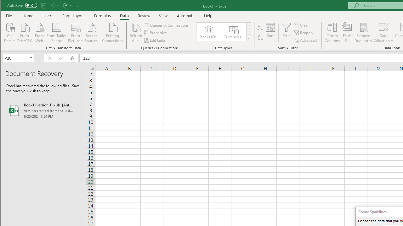 This screenshot has width=403, height=226. What do you see at coordinates (209, 31) in the screenshot?
I see `'Stocks (English)'` at bounding box center [209, 31].